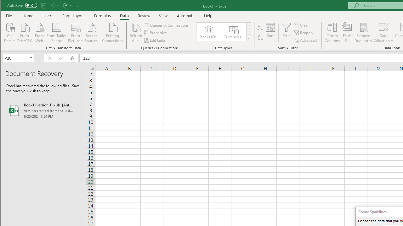 This screenshot has width=403, height=226. What do you see at coordinates (209, 31) in the screenshot?
I see `'Stocks (English)'` at bounding box center [209, 31].